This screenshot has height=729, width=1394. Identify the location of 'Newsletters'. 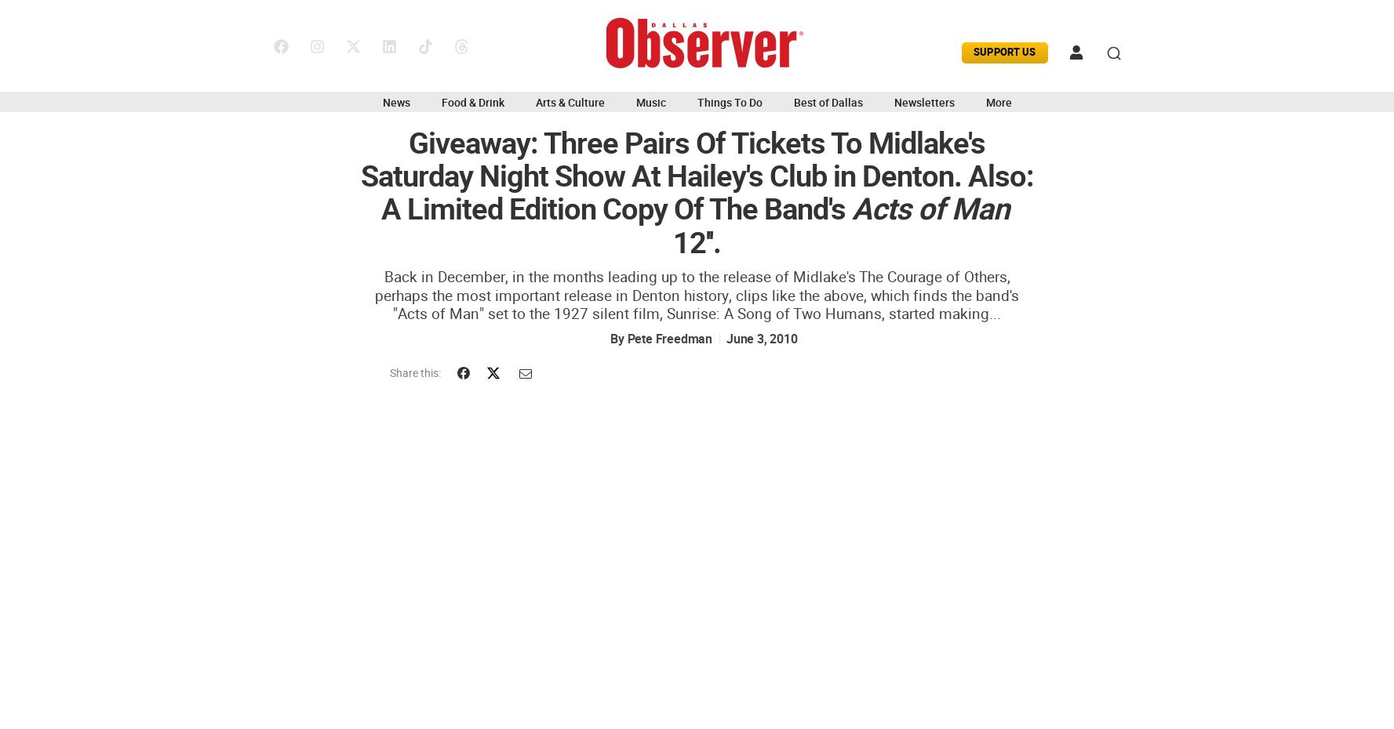
(923, 102).